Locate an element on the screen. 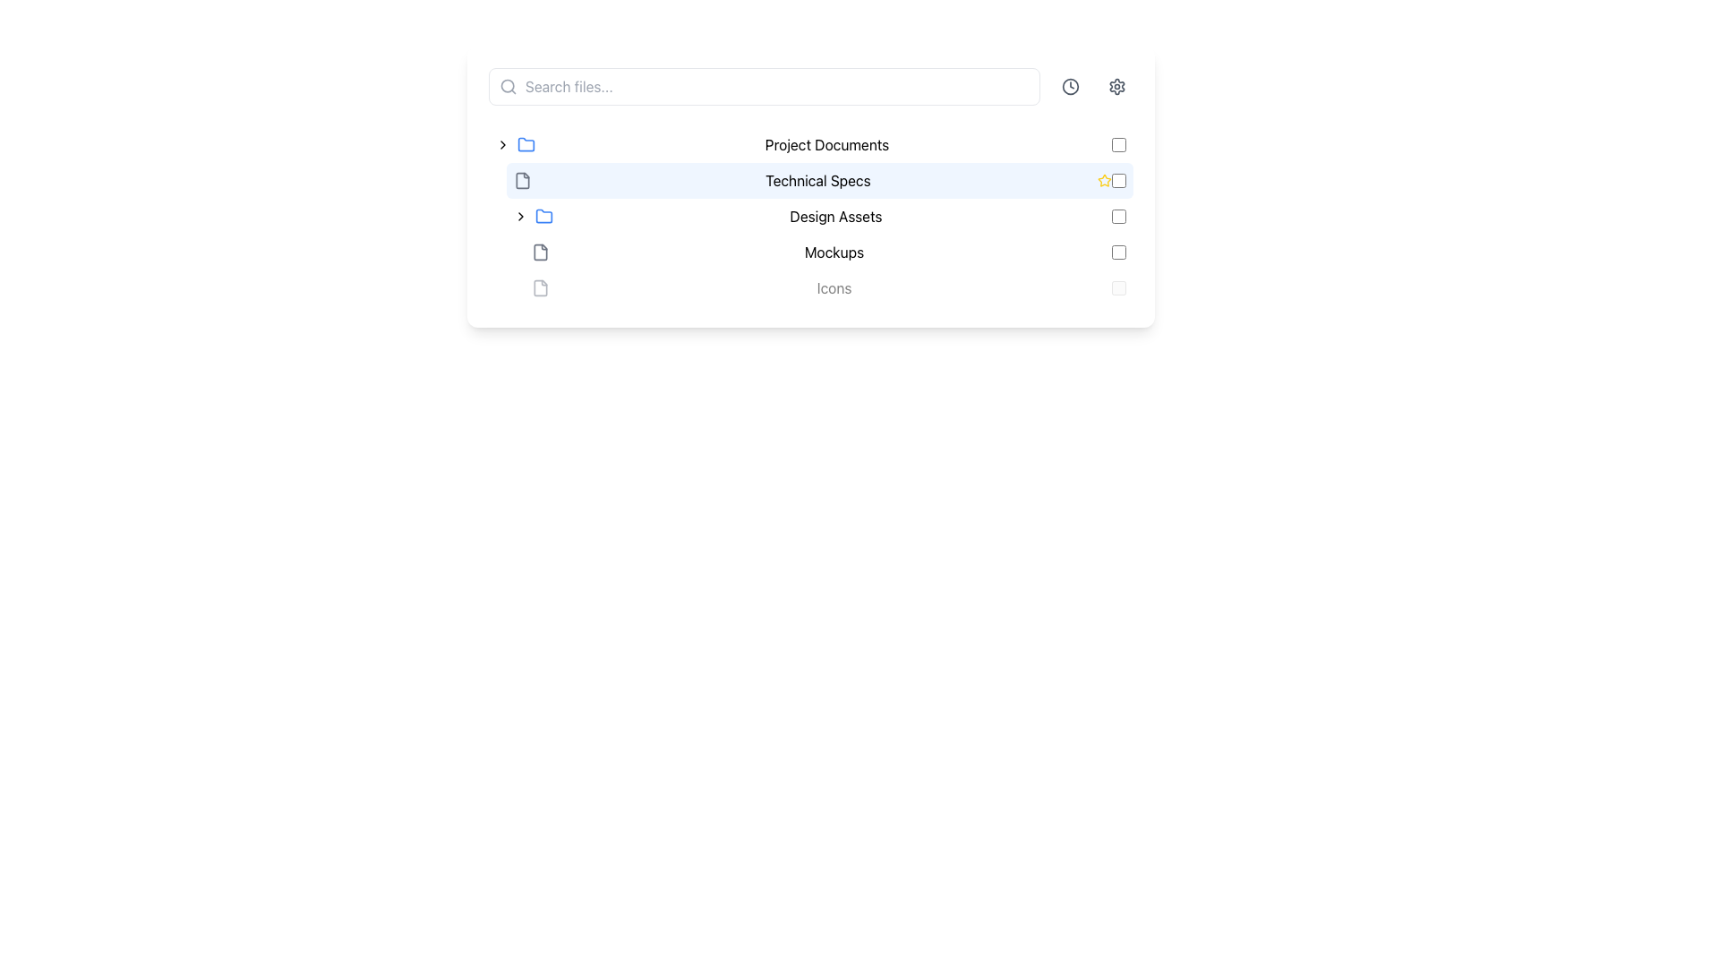 The height and width of the screenshot is (967, 1719). on the 'Mockups' text label, which is the third item in the list of folder and file entries is located at coordinates (833, 252).